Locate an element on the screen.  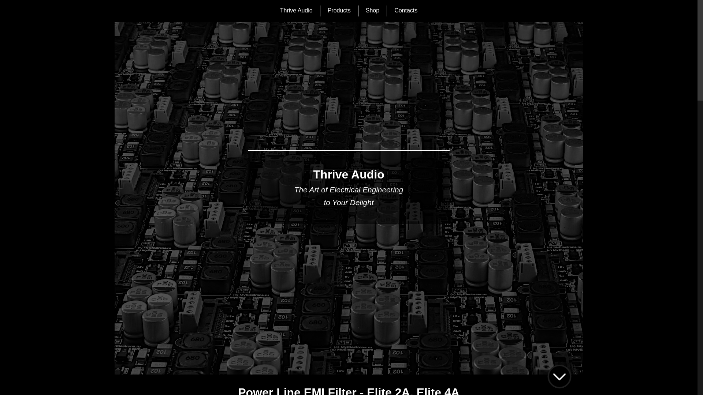
'Thrive Audio' is located at coordinates (296, 11).